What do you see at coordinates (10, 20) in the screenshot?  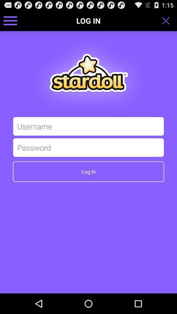 I see `icon to the left of log in icon` at bounding box center [10, 20].